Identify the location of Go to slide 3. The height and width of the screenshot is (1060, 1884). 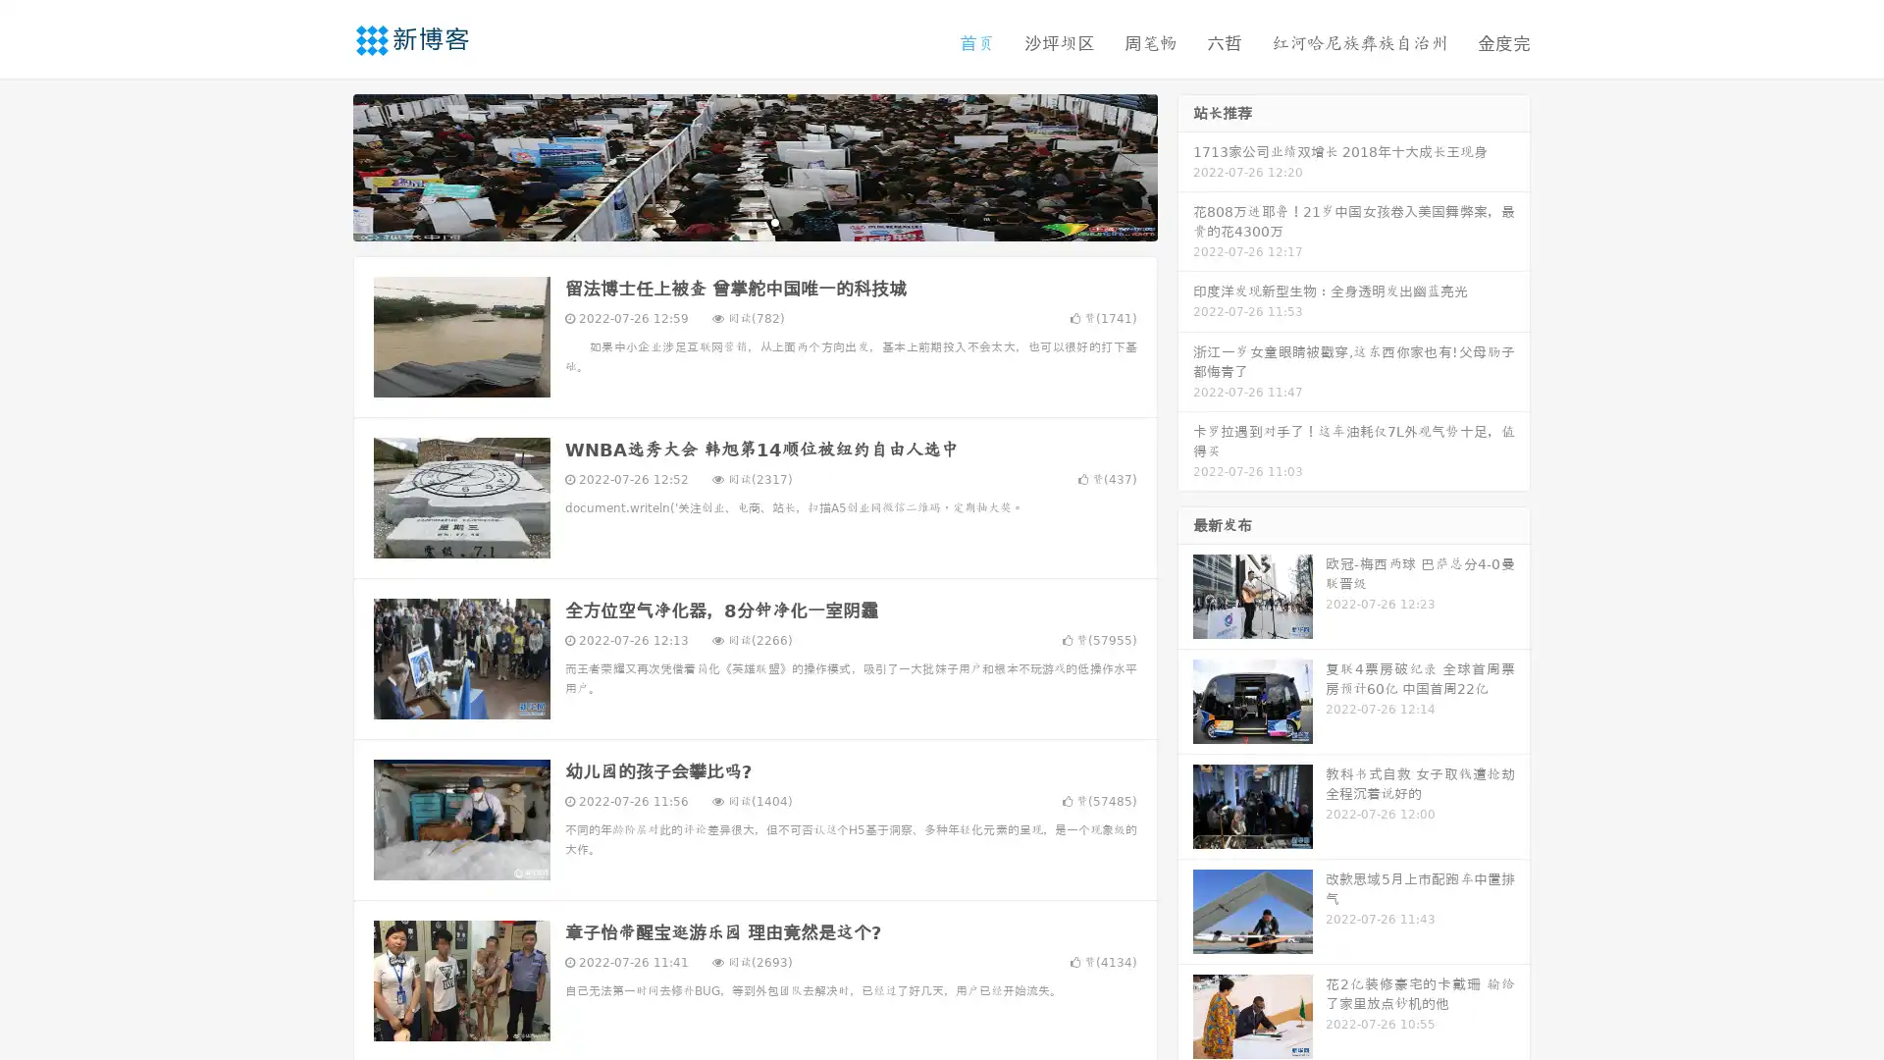
(774, 221).